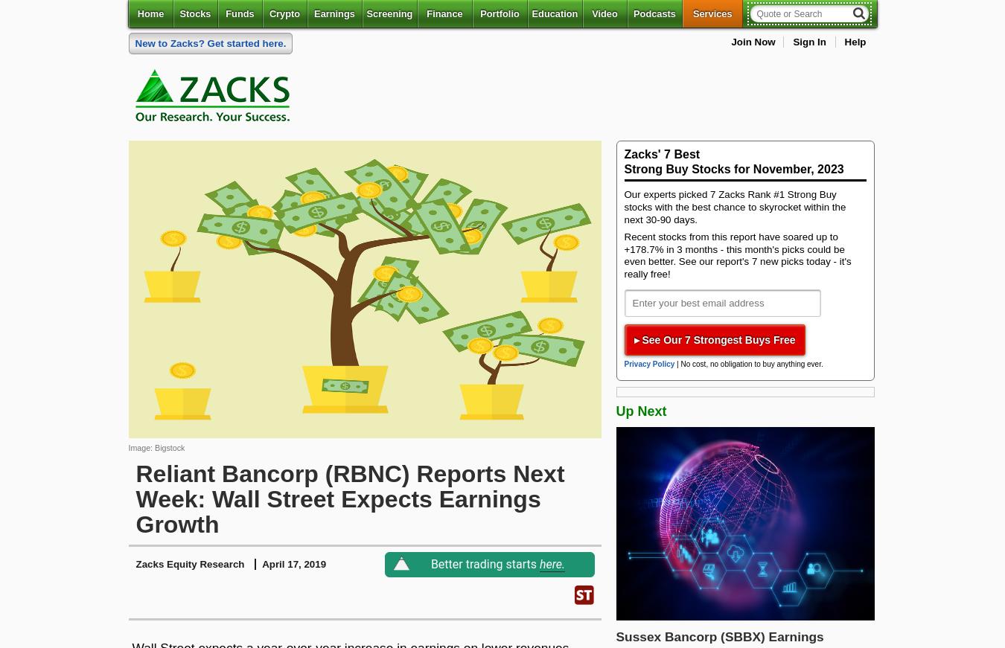 The height and width of the screenshot is (648, 1005). Describe the element at coordinates (623, 169) in the screenshot. I see `'Strong Buy Stocks for November, 2023'` at that location.